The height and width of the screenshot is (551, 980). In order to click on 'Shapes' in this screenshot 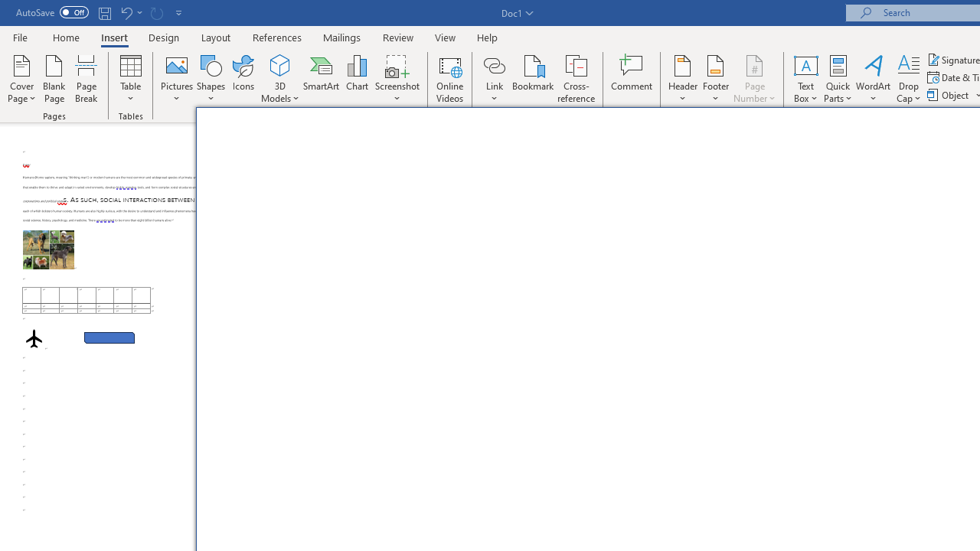, I will do `click(210, 79)`.